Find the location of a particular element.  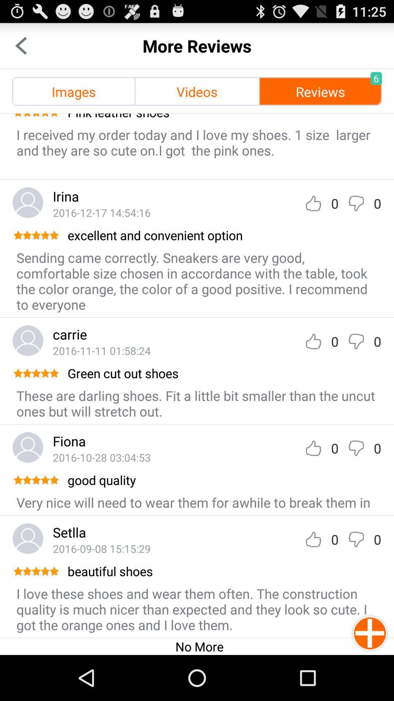

like comment is located at coordinates (313, 539).